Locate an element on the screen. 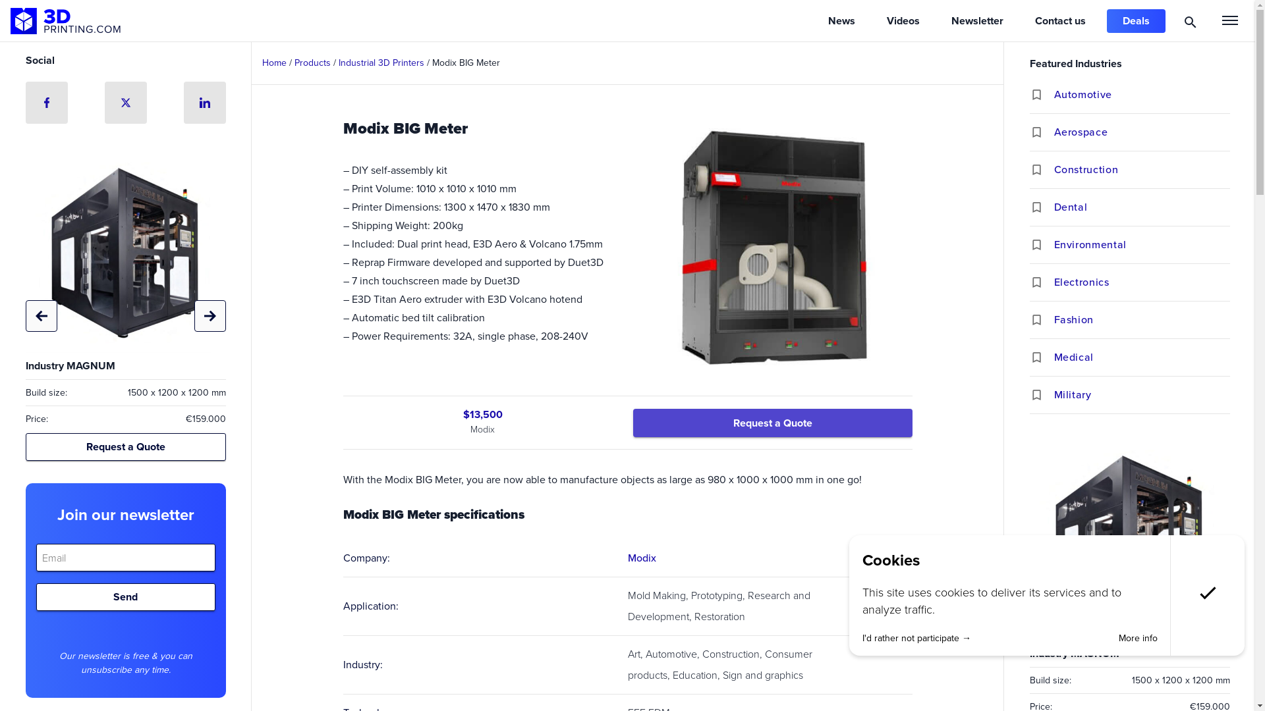 The height and width of the screenshot is (711, 1265). '$13,500' is located at coordinates (481, 413).